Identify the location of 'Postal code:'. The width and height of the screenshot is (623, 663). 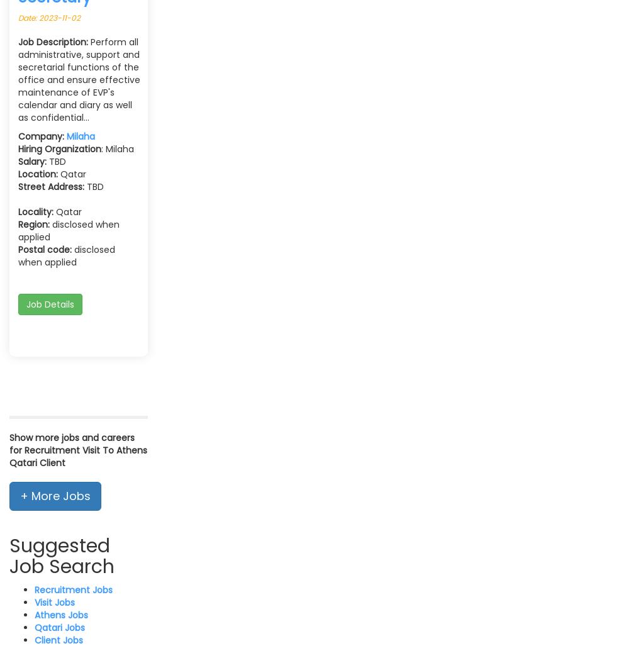
(18, 248).